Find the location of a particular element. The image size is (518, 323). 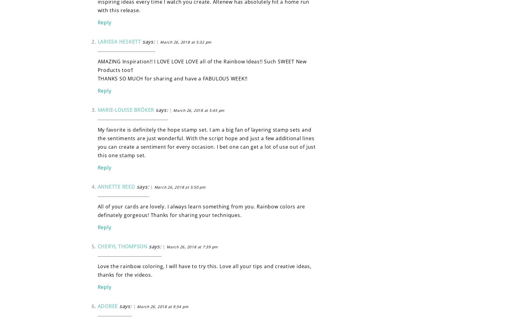

'All of your cards are lovely. I always learn something from you. Rainbow colors are definately gorgeous! Thanks for sharing your techniques.' is located at coordinates (201, 210).